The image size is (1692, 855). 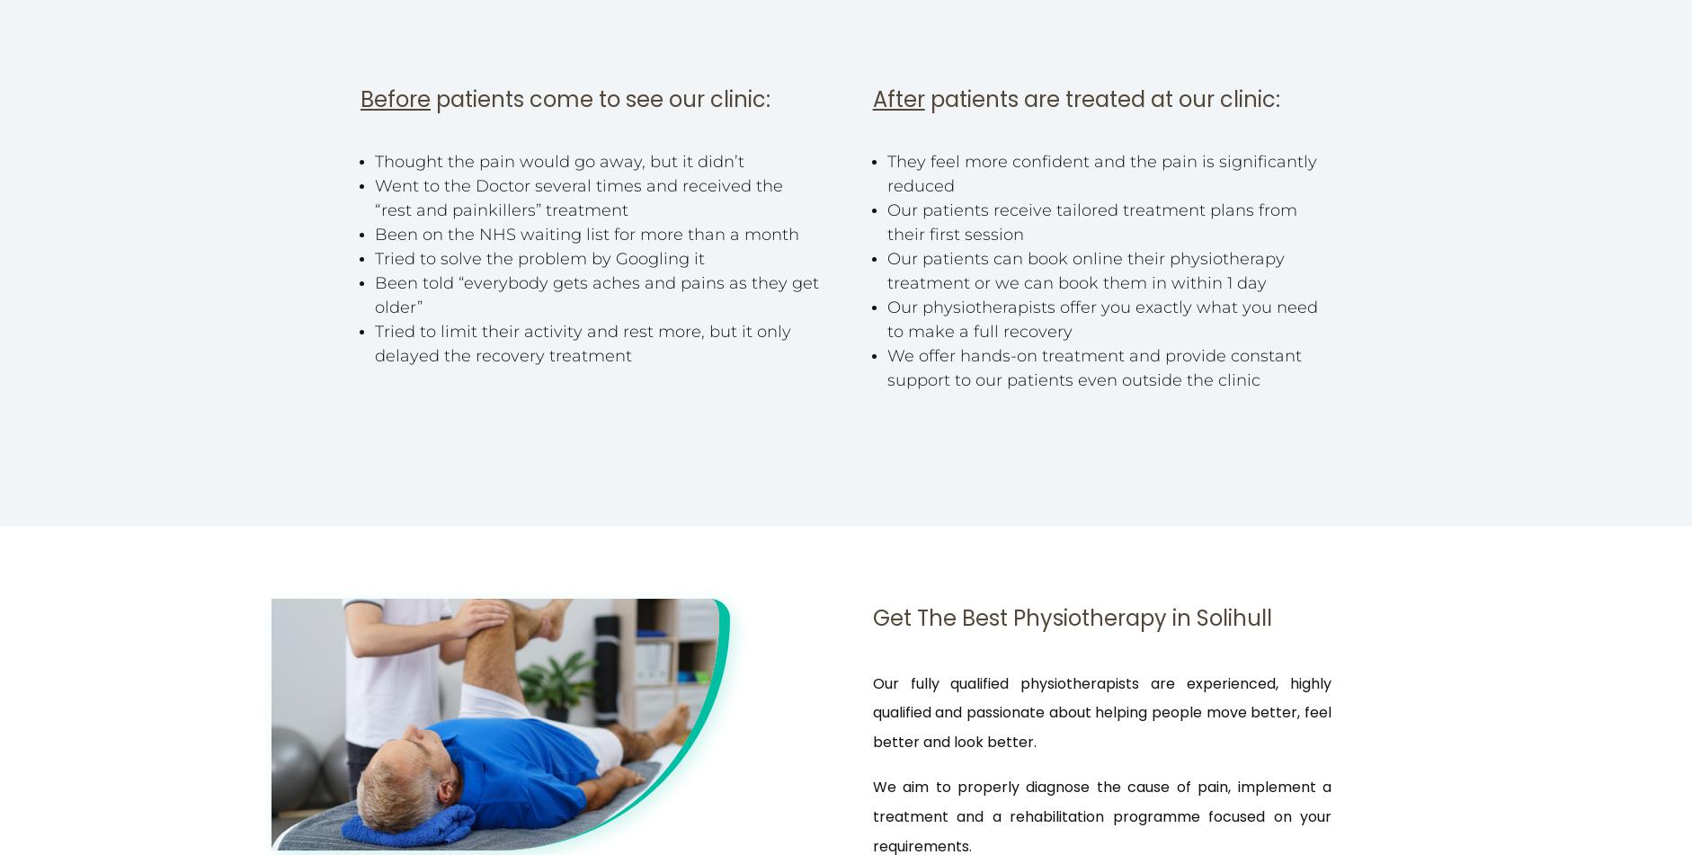 I want to click on 'Before', so click(x=395, y=99).